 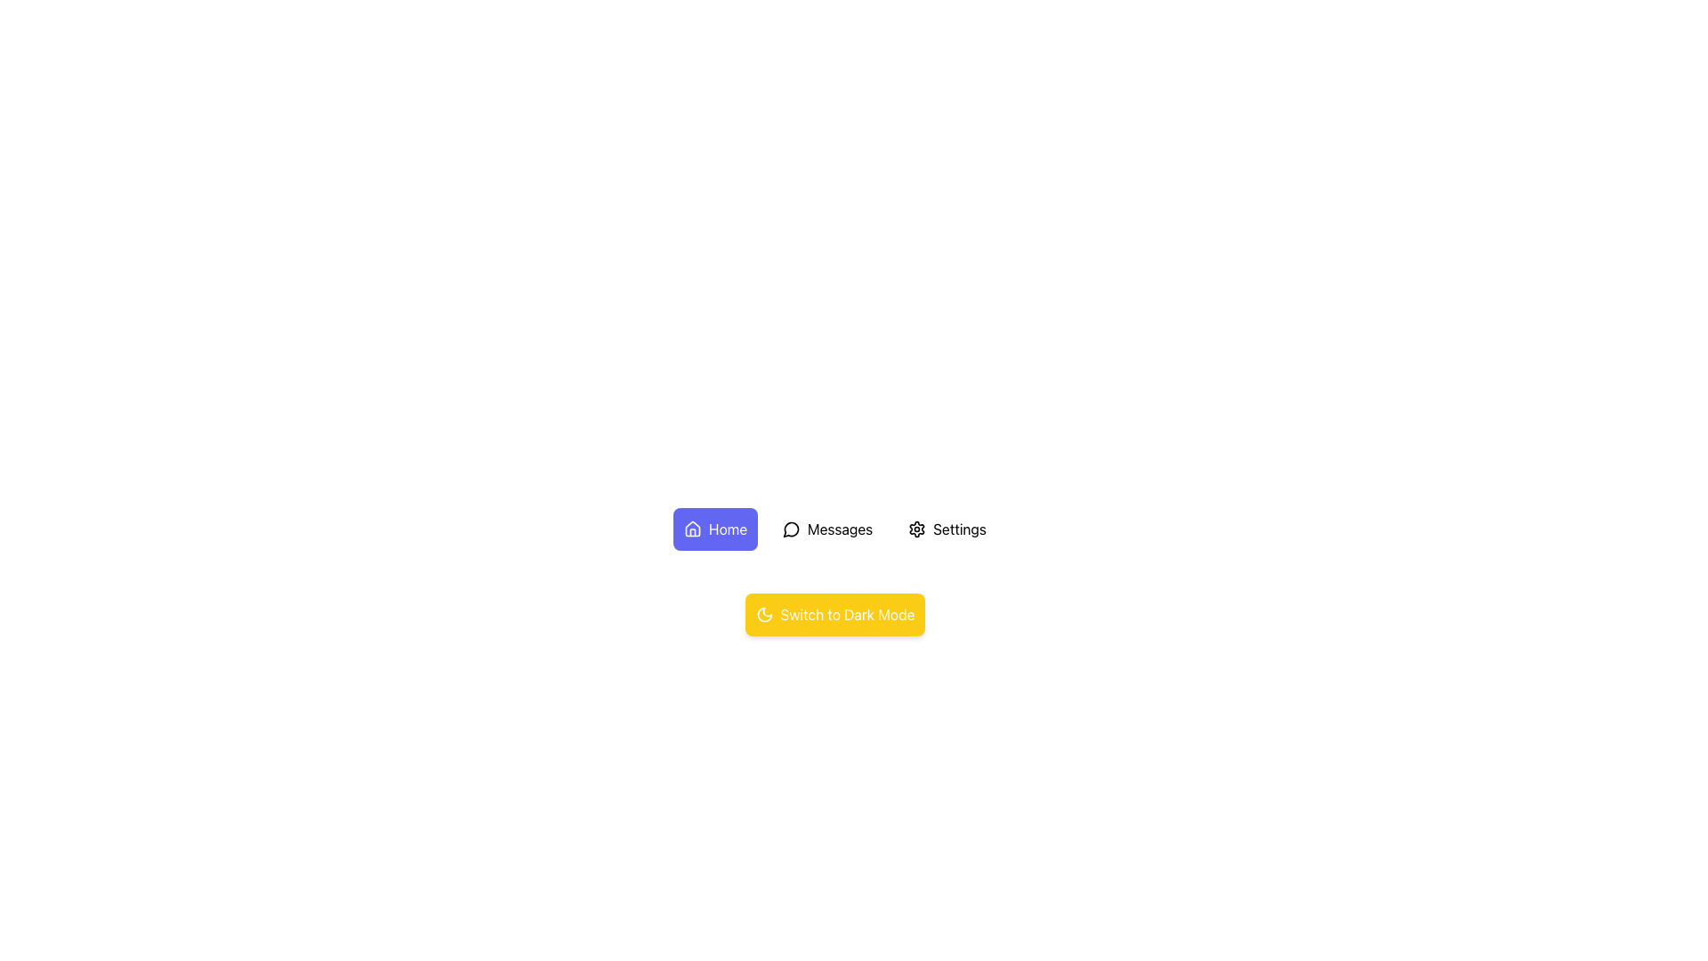 I want to click on the 'Messages' navigation icon, which visually indicates the related functionality and is positioned to the left of the 'Messages' label, so click(x=790, y=528).